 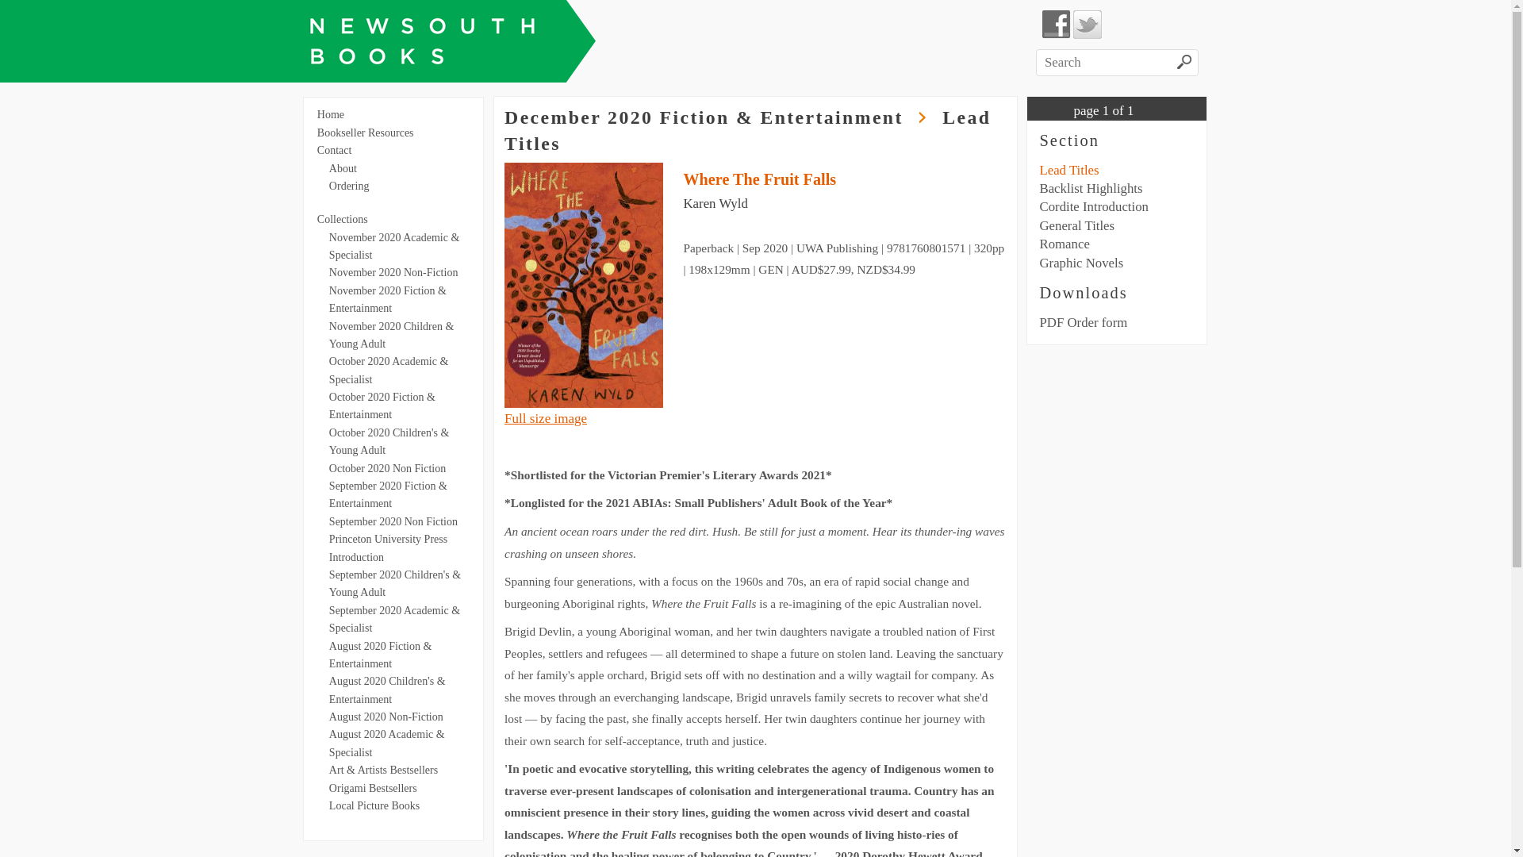 What do you see at coordinates (342, 168) in the screenshot?
I see `'About'` at bounding box center [342, 168].